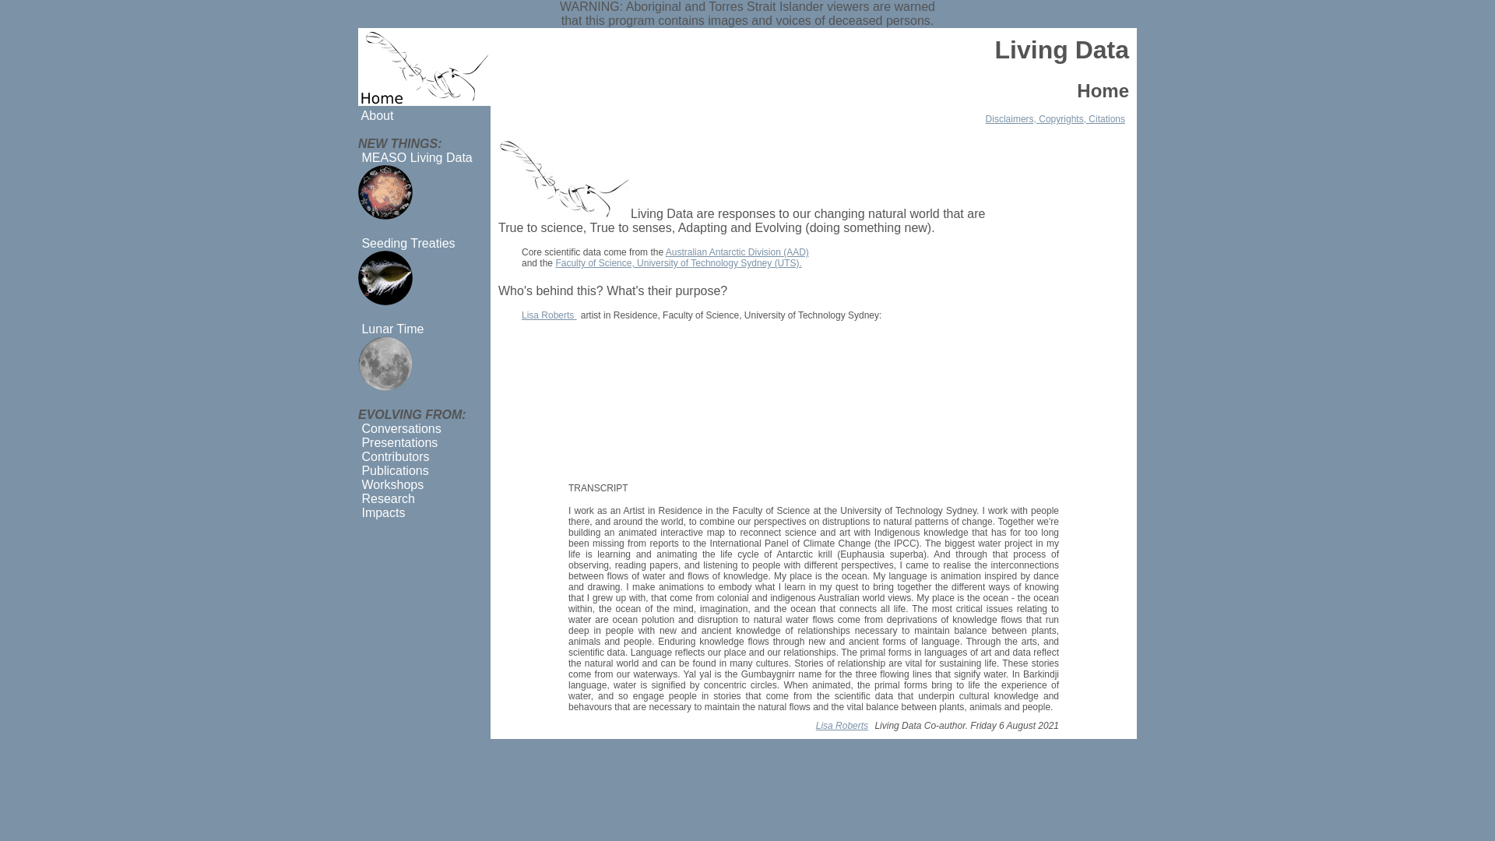 This screenshot has height=841, width=1495. Describe the element at coordinates (385, 191) in the screenshot. I see `'MEASO Living Data'` at that location.